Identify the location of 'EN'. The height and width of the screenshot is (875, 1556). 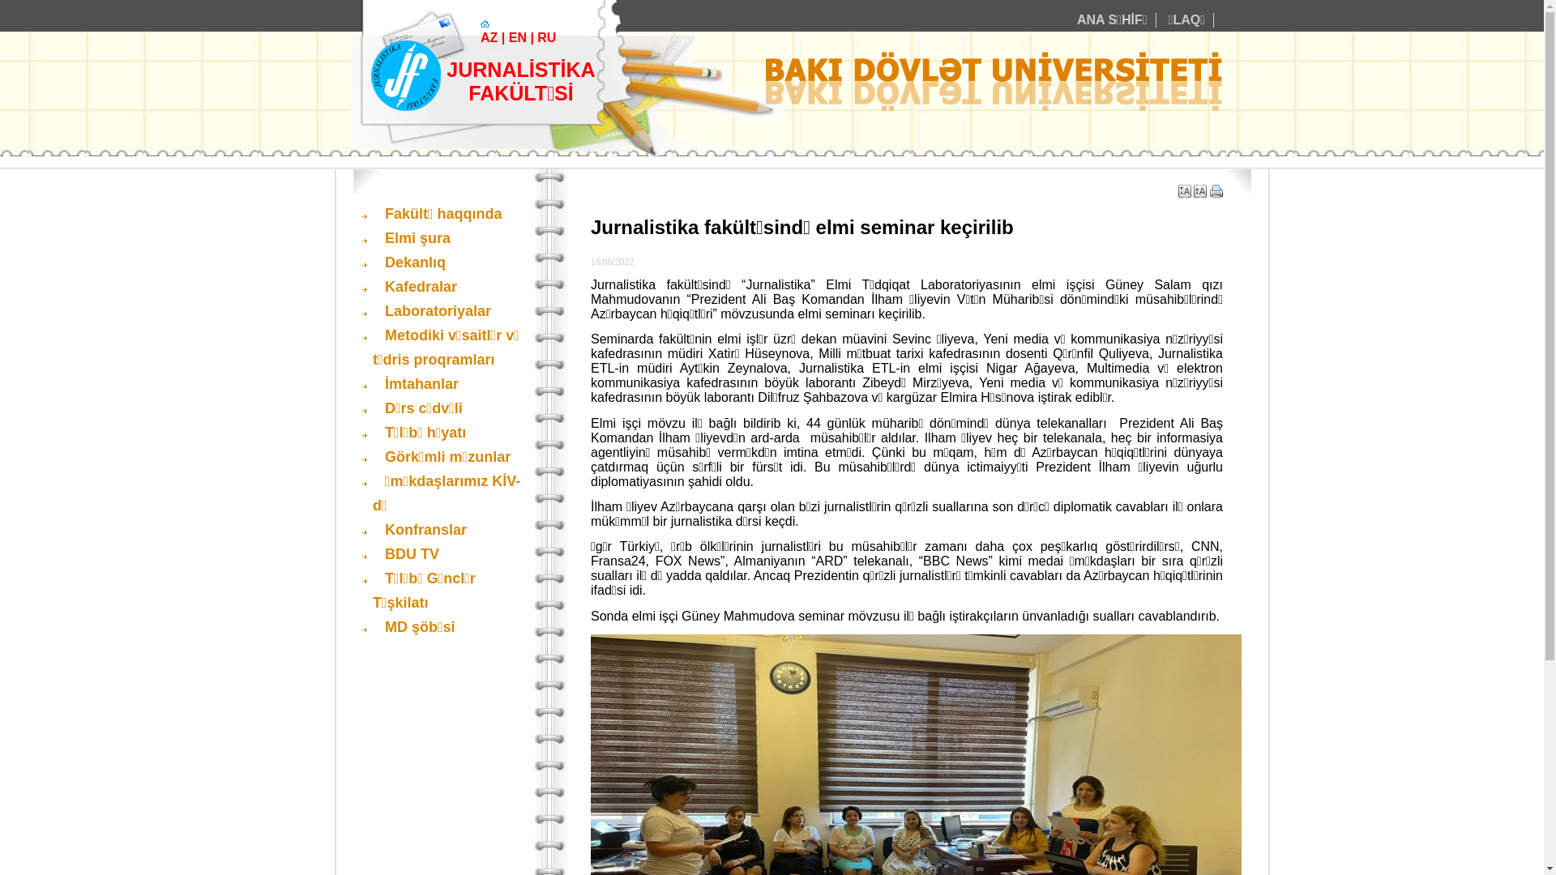
(508, 36).